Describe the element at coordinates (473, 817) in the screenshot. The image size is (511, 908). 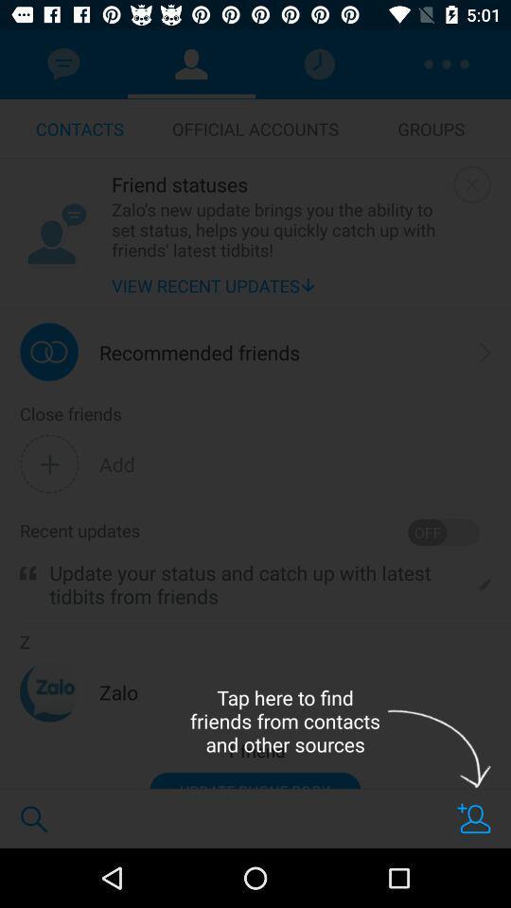
I see `friends` at that location.